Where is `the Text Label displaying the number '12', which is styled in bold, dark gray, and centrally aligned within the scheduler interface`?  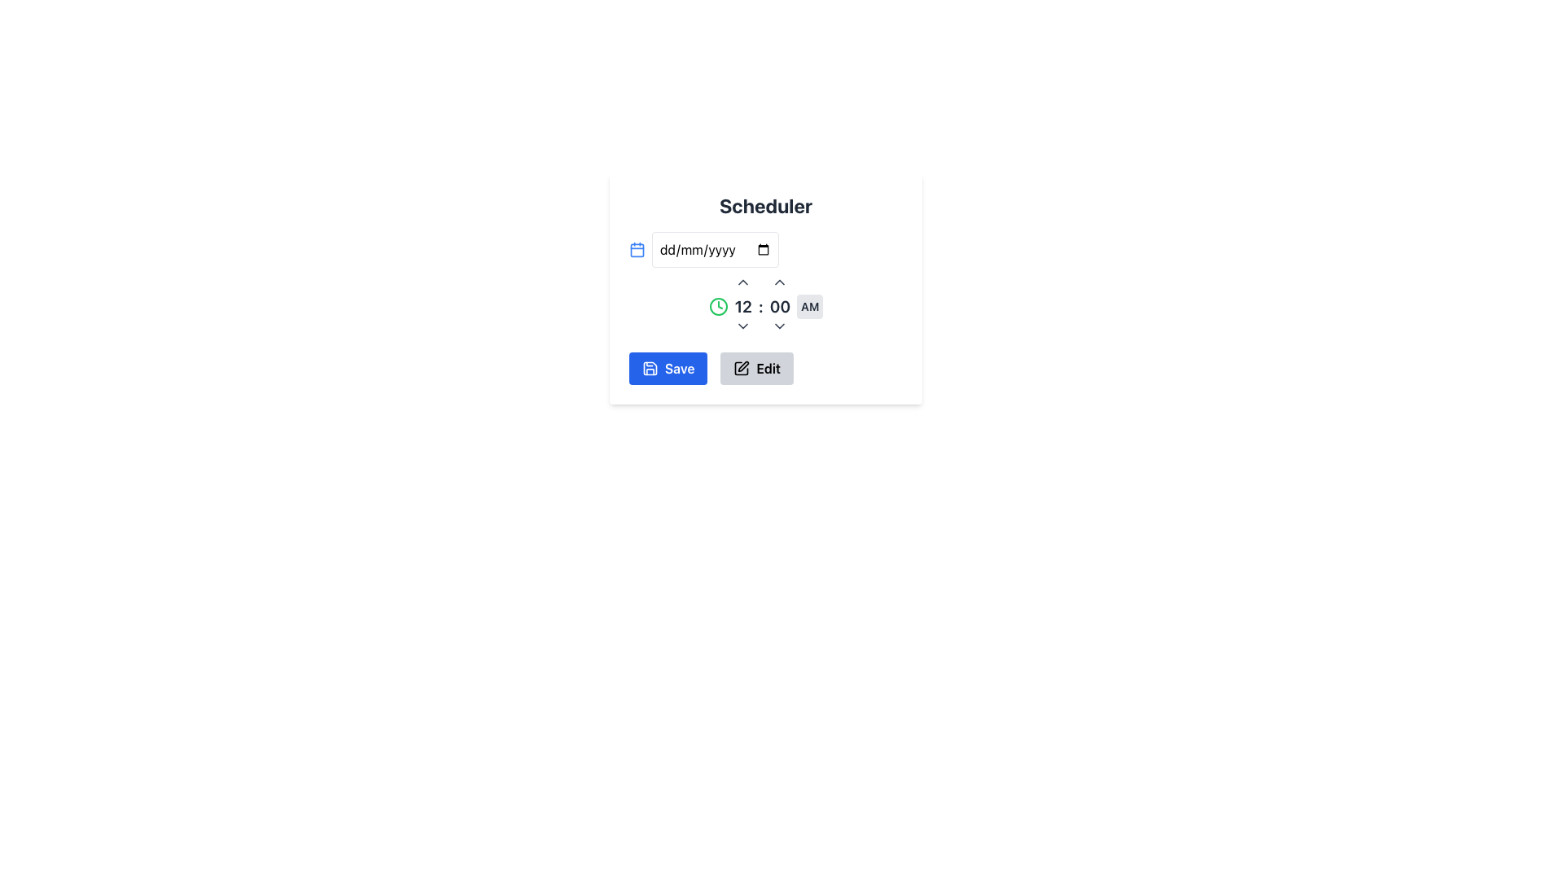 the Text Label displaying the number '12', which is styled in bold, dark gray, and centrally aligned within the scheduler interface is located at coordinates (742, 307).